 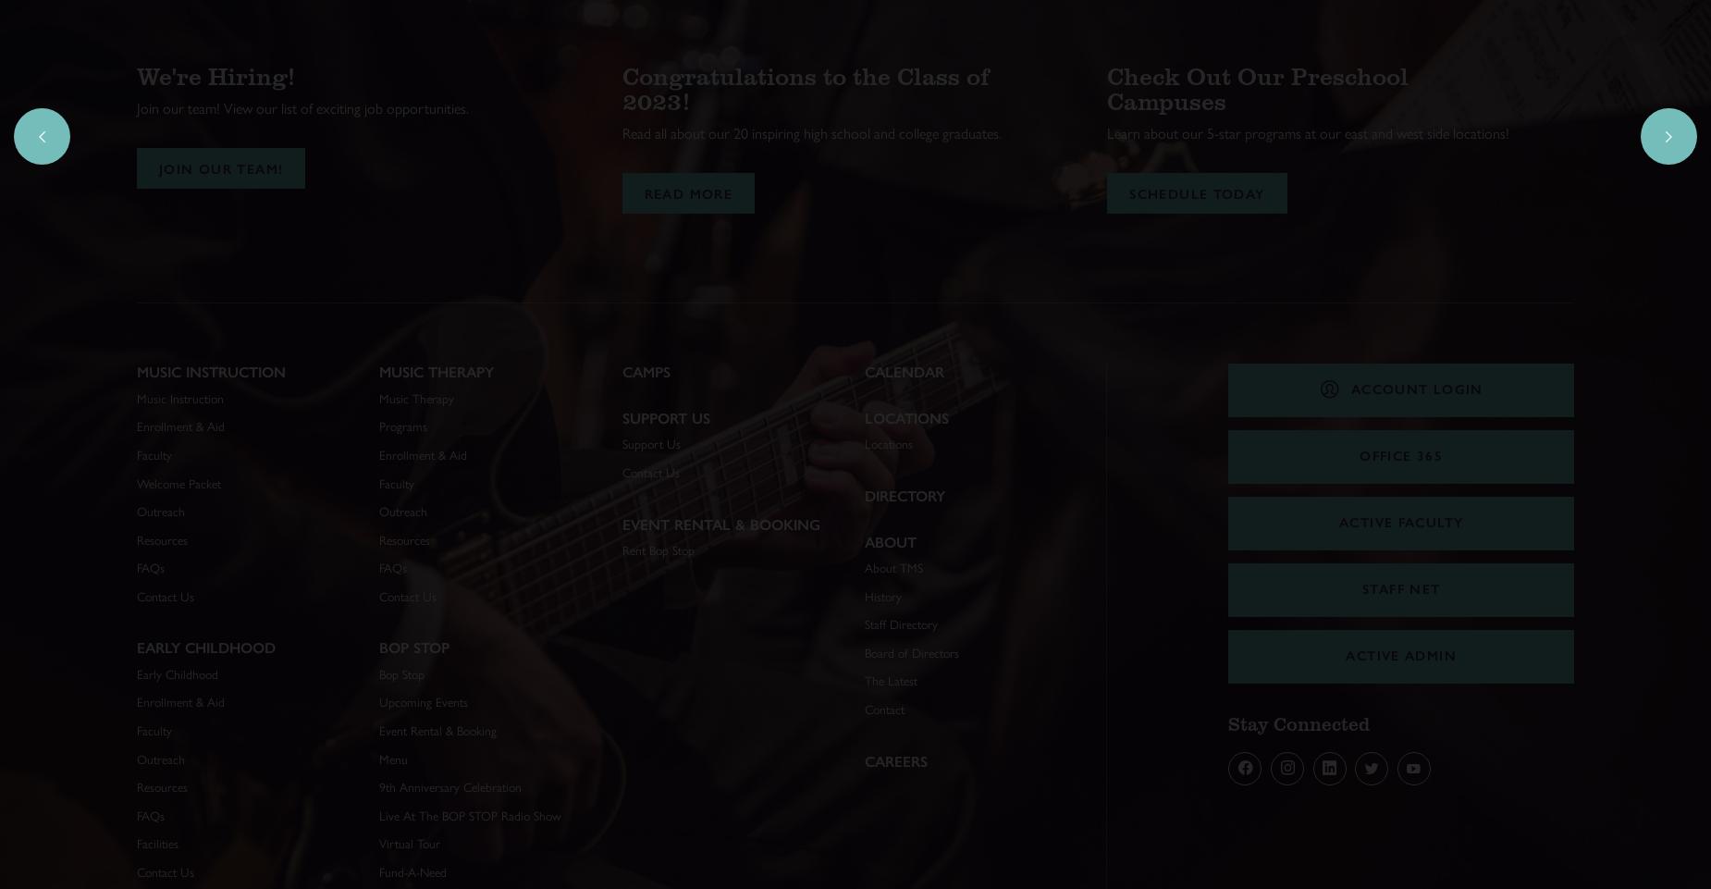 What do you see at coordinates (657, 549) in the screenshot?
I see `'Rent Bop Stop'` at bounding box center [657, 549].